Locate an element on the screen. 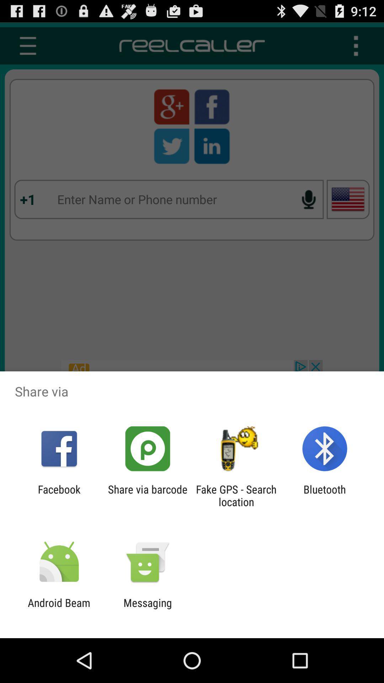  fake gps search is located at coordinates (236, 495).